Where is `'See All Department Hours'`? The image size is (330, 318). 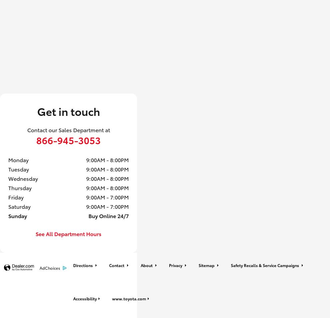
'See All Department Hours' is located at coordinates (68, 233).